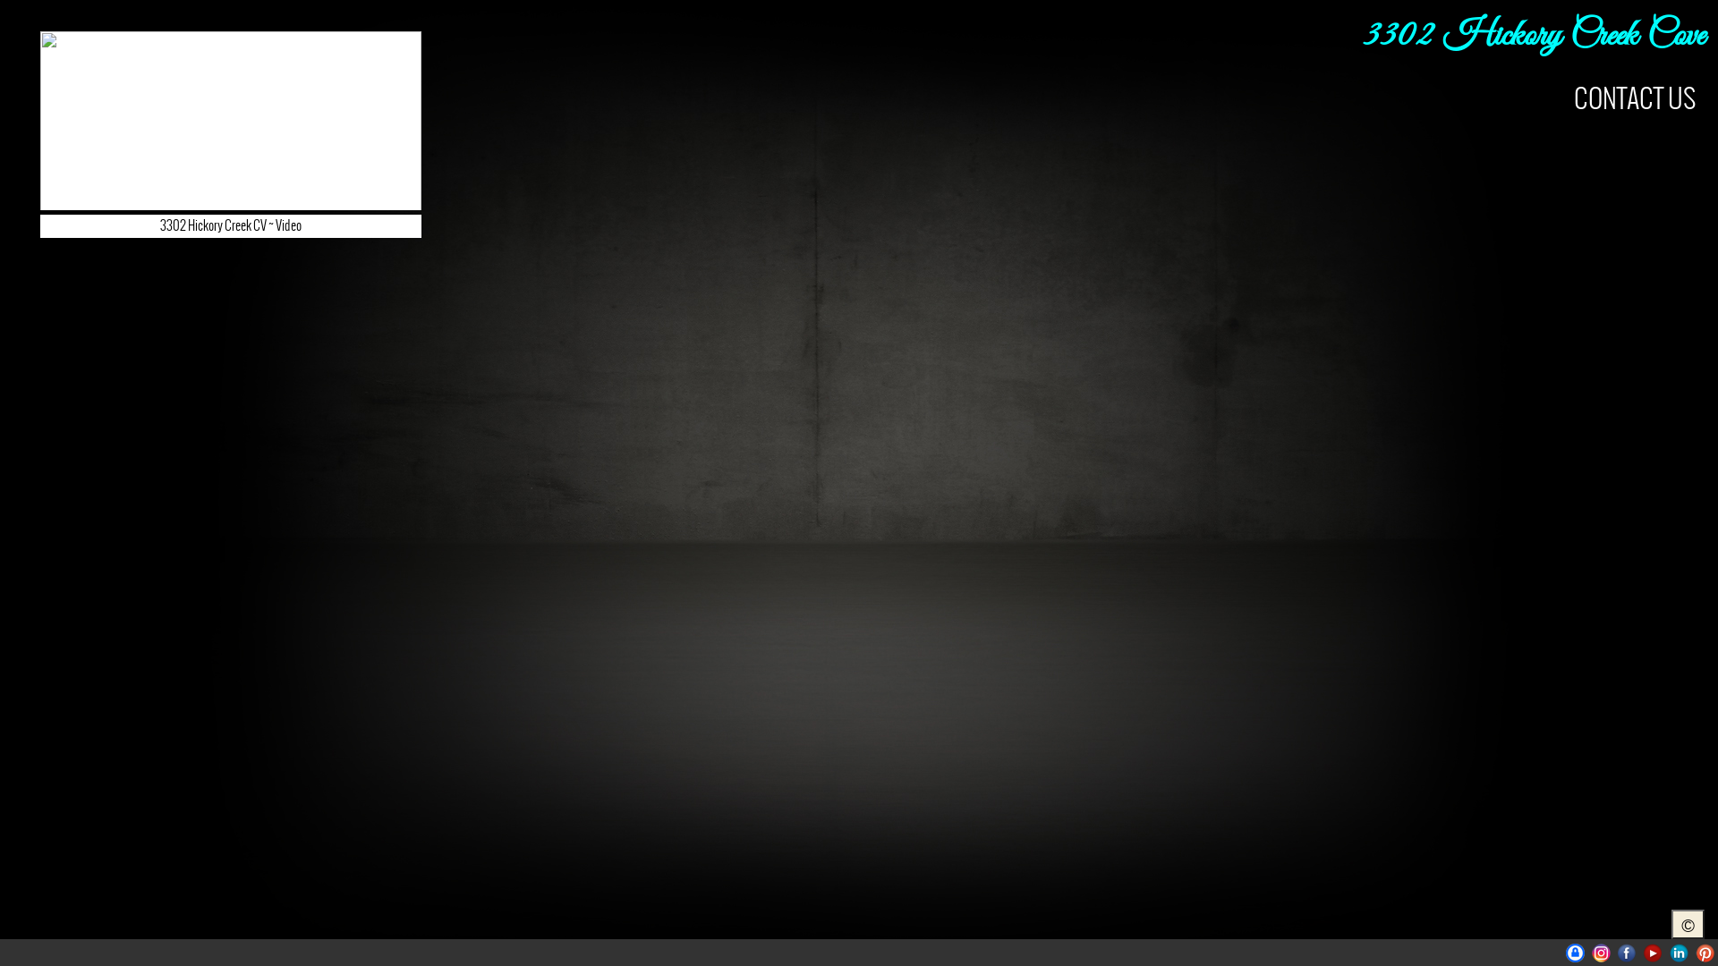 This screenshot has width=1718, height=966. What do you see at coordinates (1575, 952) in the screenshot?
I see `'UniqueAustinProperties | BrianLanglois'` at bounding box center [1575, 952].